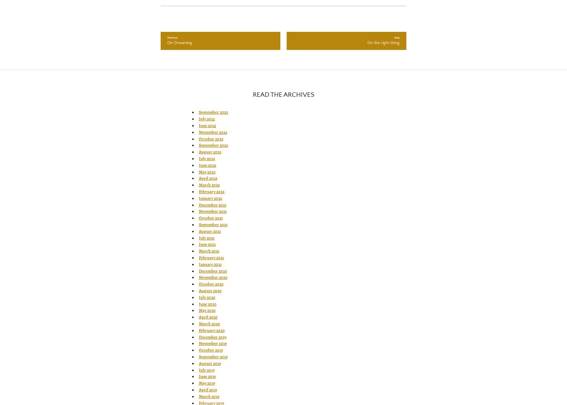 The image size is (567, 405). I want to click on 'November 2021', so click(212, 211).